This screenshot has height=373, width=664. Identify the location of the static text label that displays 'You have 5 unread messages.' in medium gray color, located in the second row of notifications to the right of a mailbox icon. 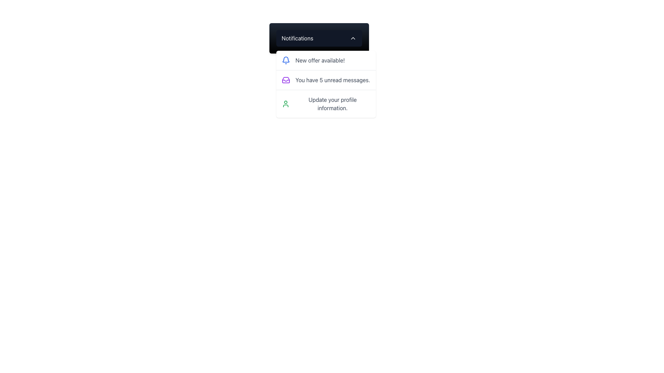
(333, 79).